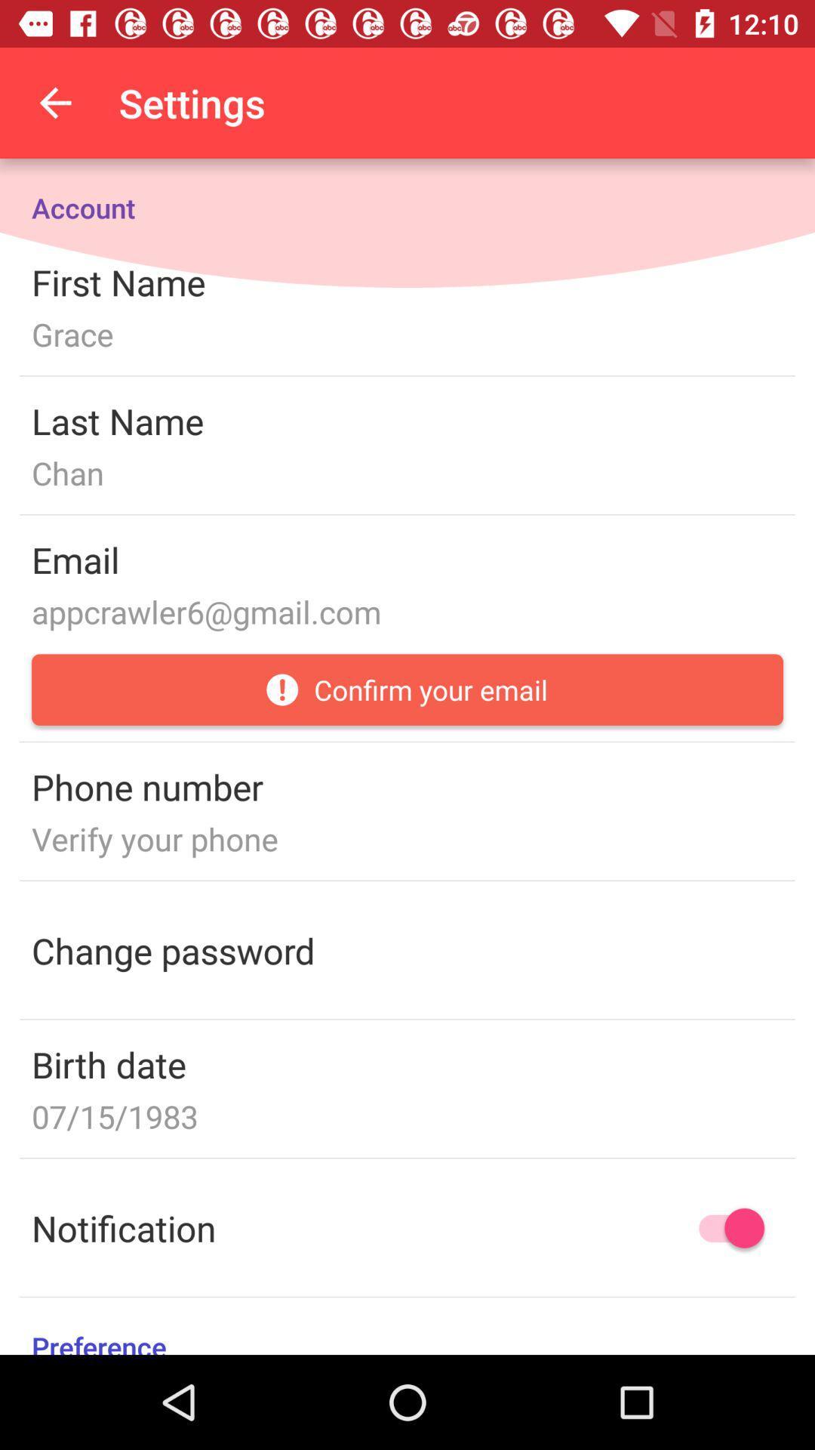 This screenshot has width=815, height=1450. Describe the element at coordinates (724, 1228) in the screenshot. I see `on off button` at that location.